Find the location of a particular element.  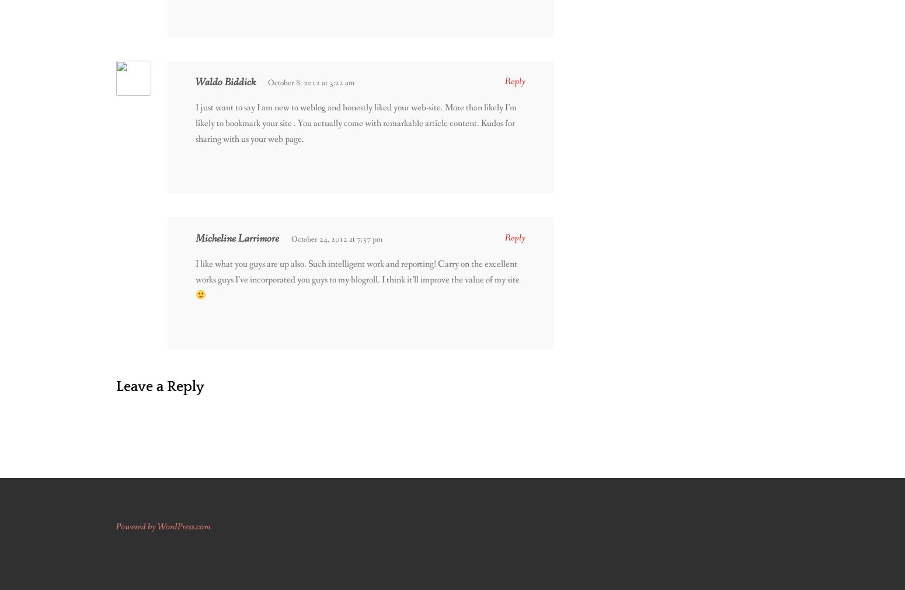

'Powered by WordPress.com' is located at coordinates (163, 526).